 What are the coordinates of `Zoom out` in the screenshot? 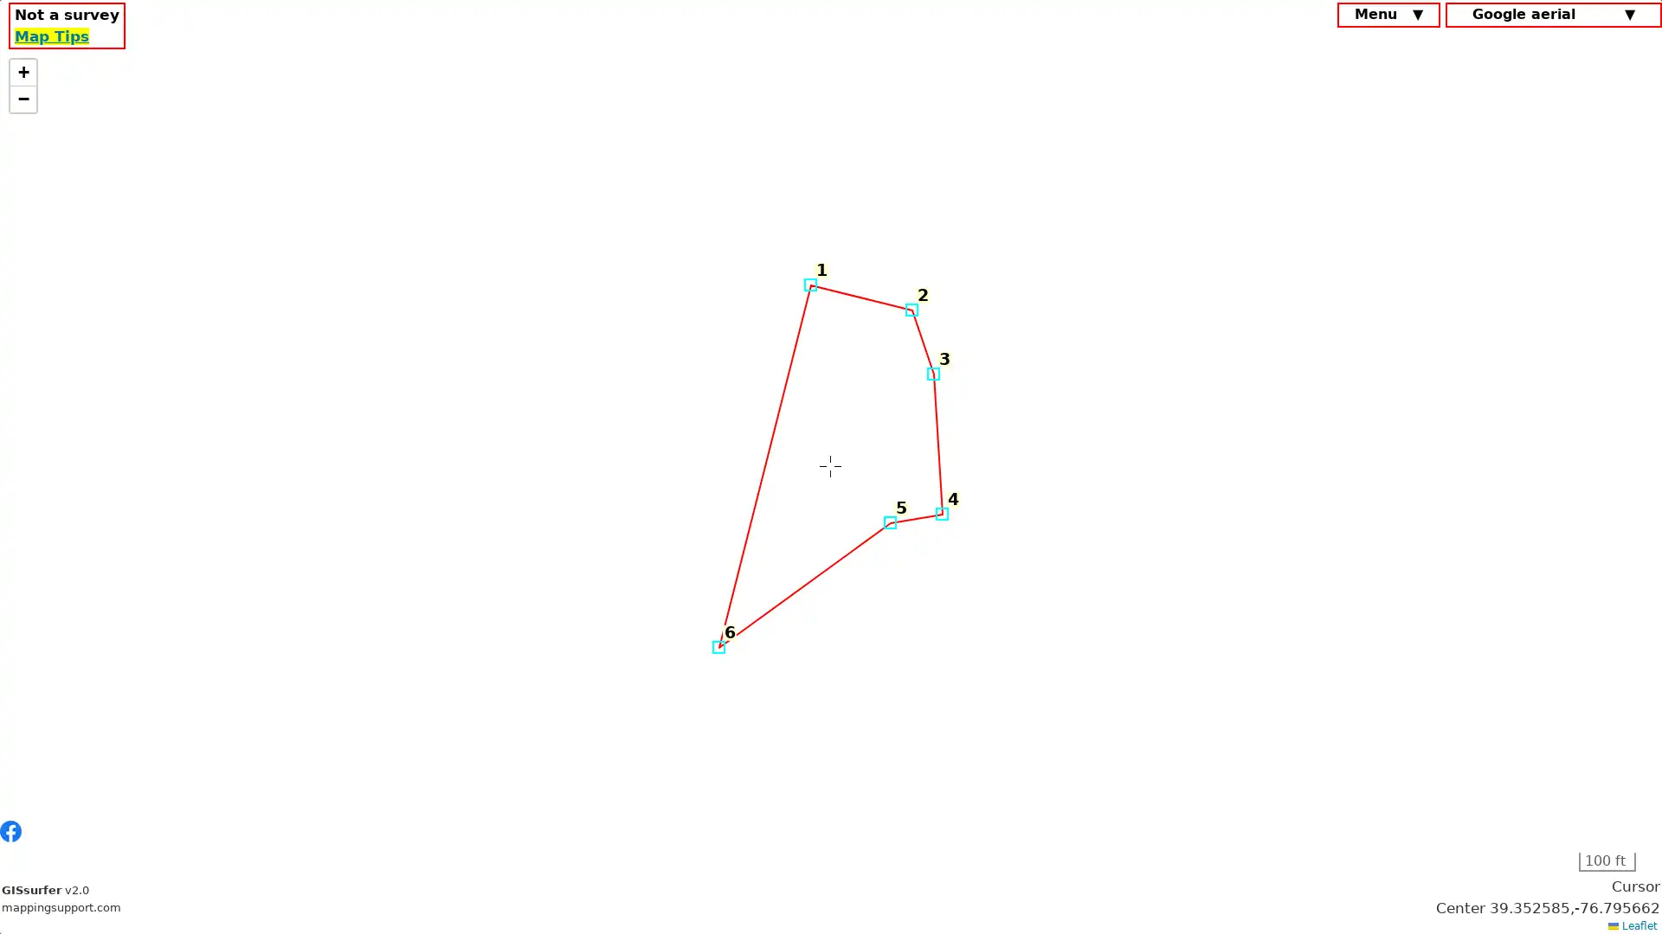 It's located at (23, 99).